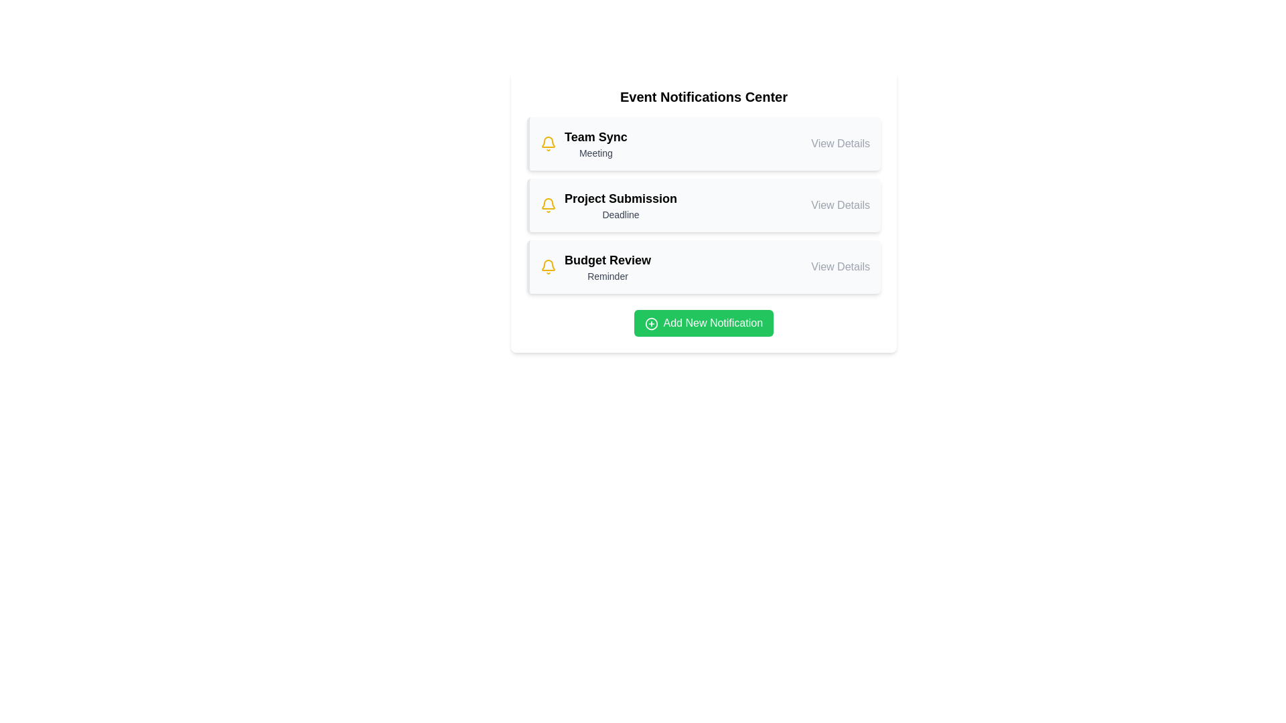 The height and width of the screenshot is (723, 1286). I want to click on the green rectangular button labeled 'Add New Notification', so click(703, 319).